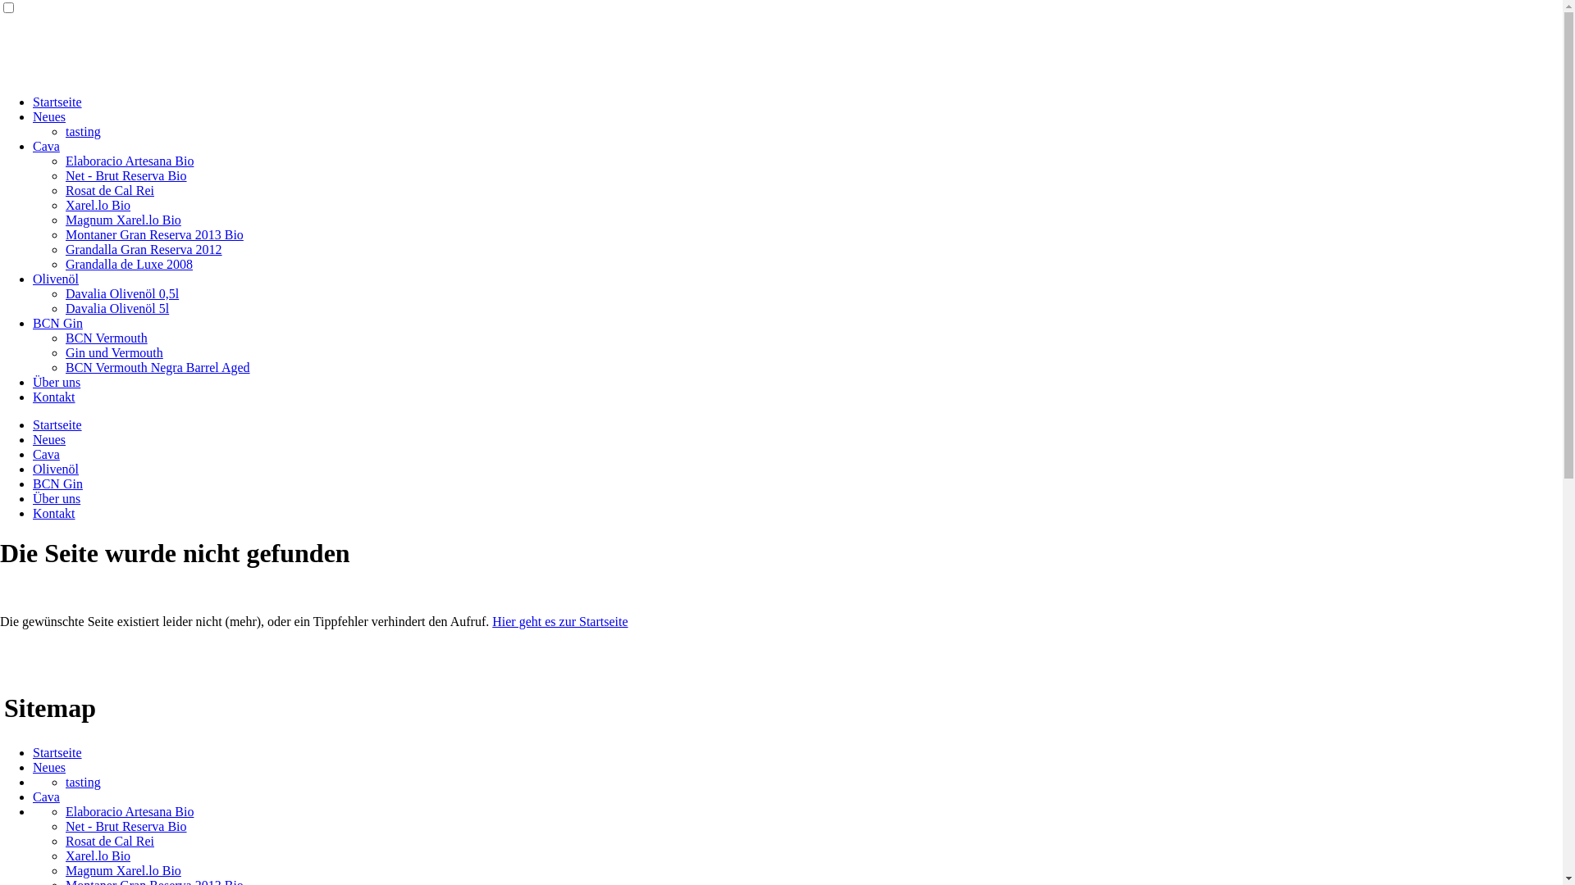  I want to click on 'Kontakt', so click(54, 512).